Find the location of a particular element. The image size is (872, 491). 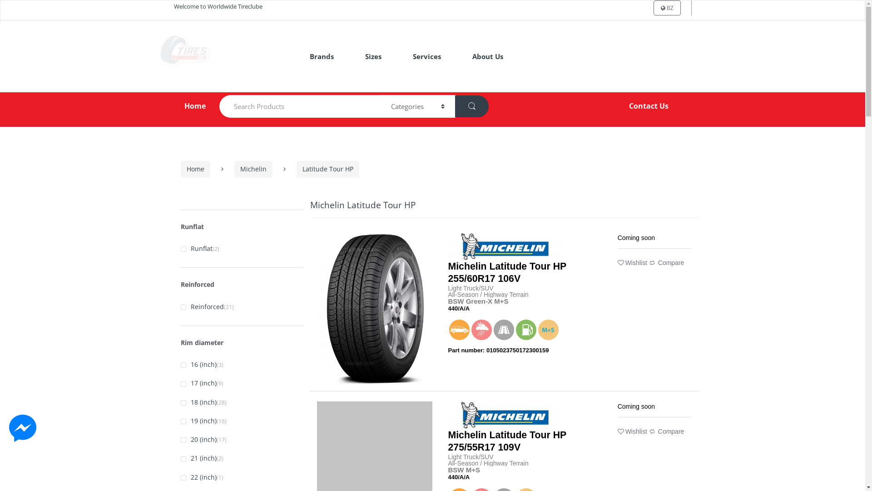

'Michelin Latitude Tour HP tires' is located at coordinates (375, 309).